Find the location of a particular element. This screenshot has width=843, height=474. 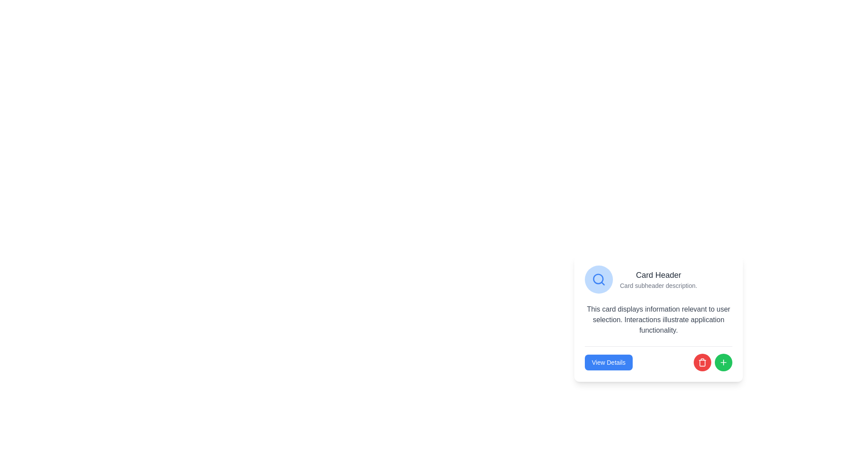

the red trash can icon button, which is centrally located at the bottom of the card, to the right of the 'View Details' button and left of the green '+' button is located at coordinates (702, 363).